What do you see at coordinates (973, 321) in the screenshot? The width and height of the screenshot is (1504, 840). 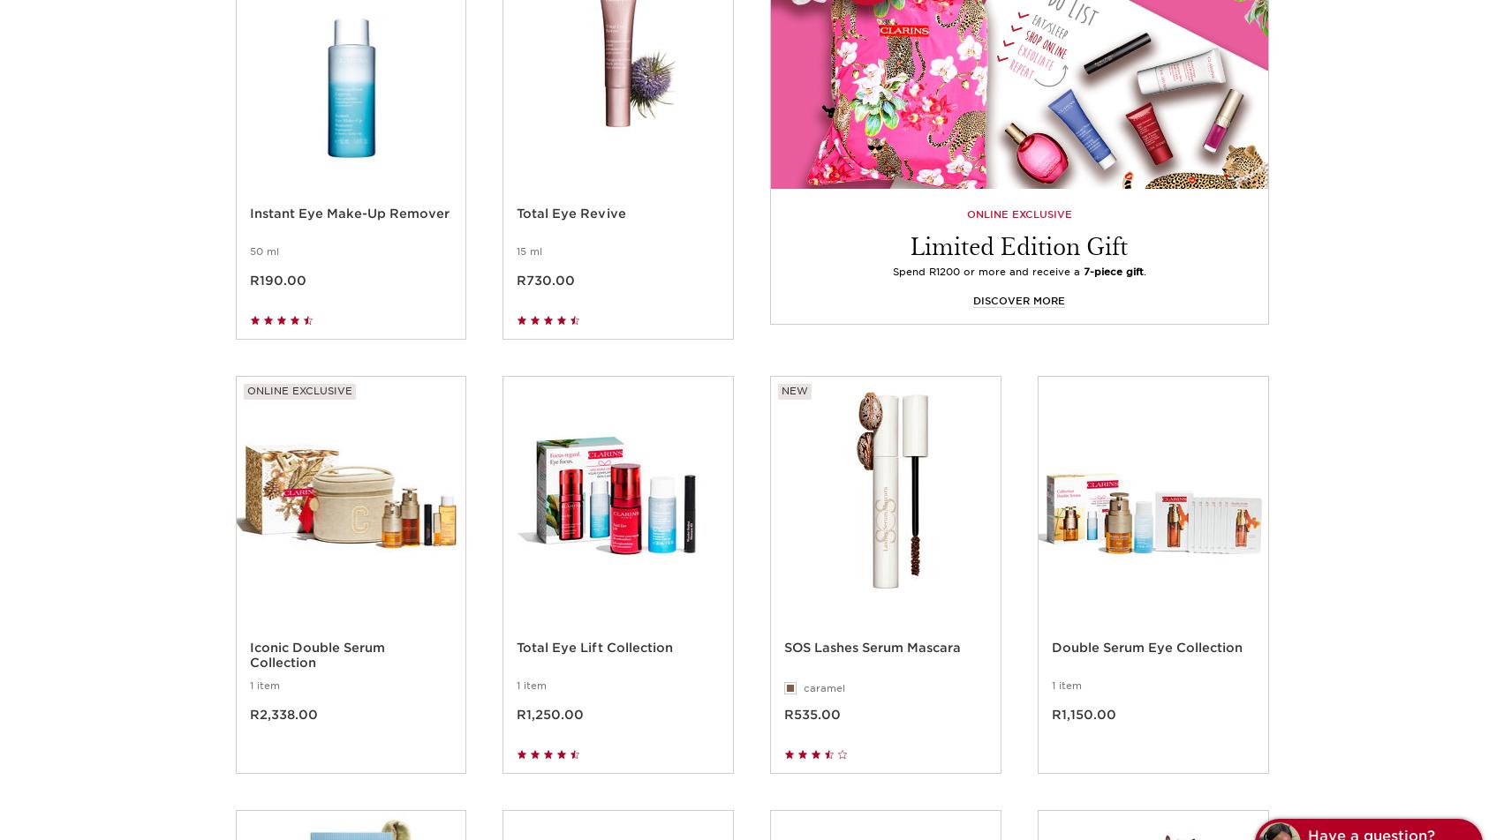 I see `'DISCOVER MORE'` at bounding box center [973, 321].